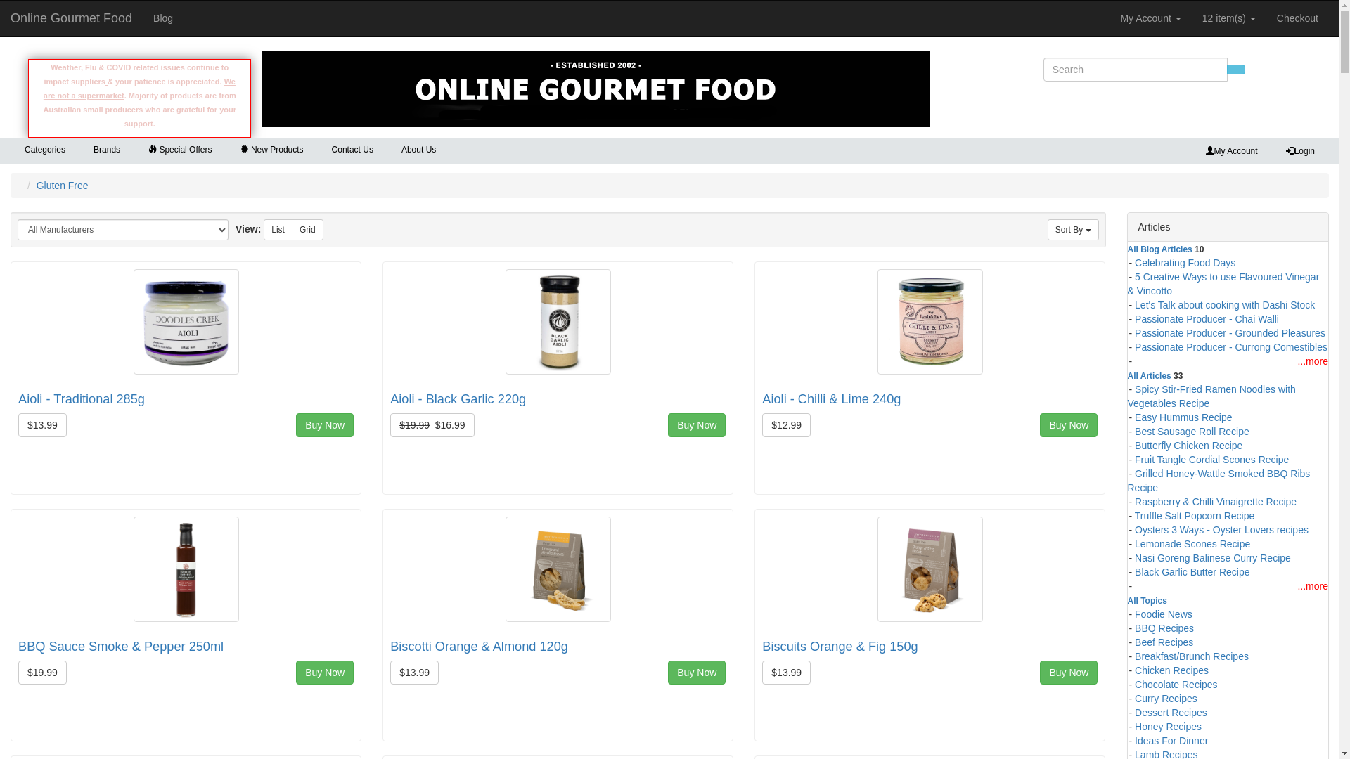 The height and width of the screenshot is (759, 1350). I want to click on 'Black Garlic Butter Recipe', so click(1191, 571).